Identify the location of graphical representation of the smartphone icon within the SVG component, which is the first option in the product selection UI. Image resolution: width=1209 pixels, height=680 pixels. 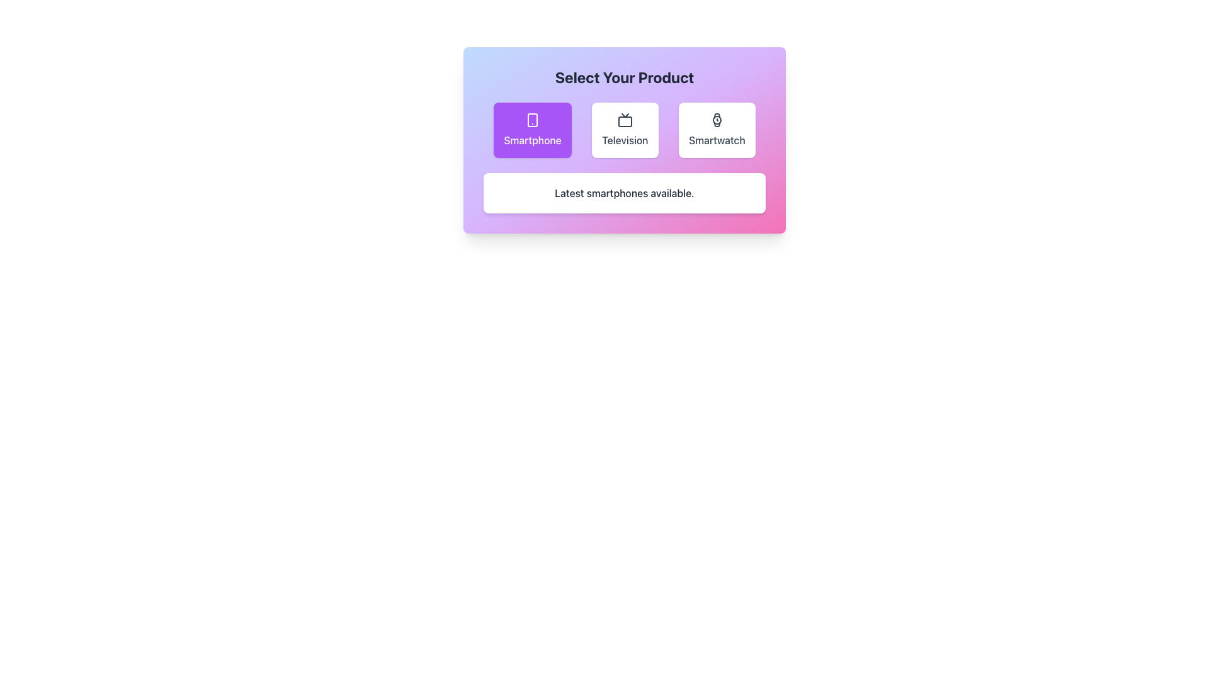
(532, 120).